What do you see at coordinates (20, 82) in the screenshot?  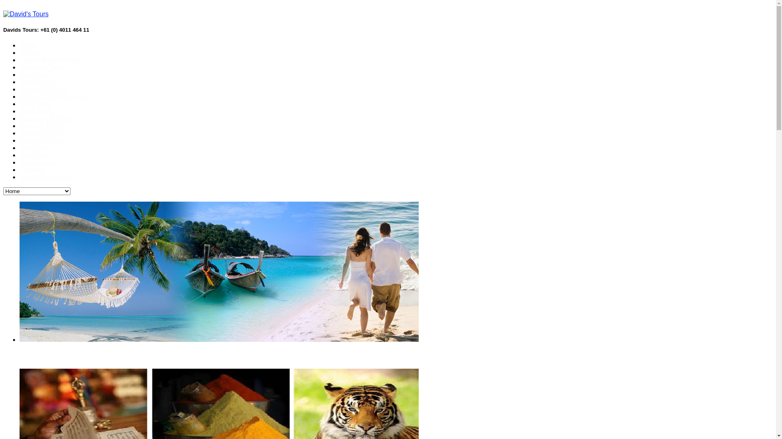 I see `'Culinary Tours'` at bounding box center [20, 82].